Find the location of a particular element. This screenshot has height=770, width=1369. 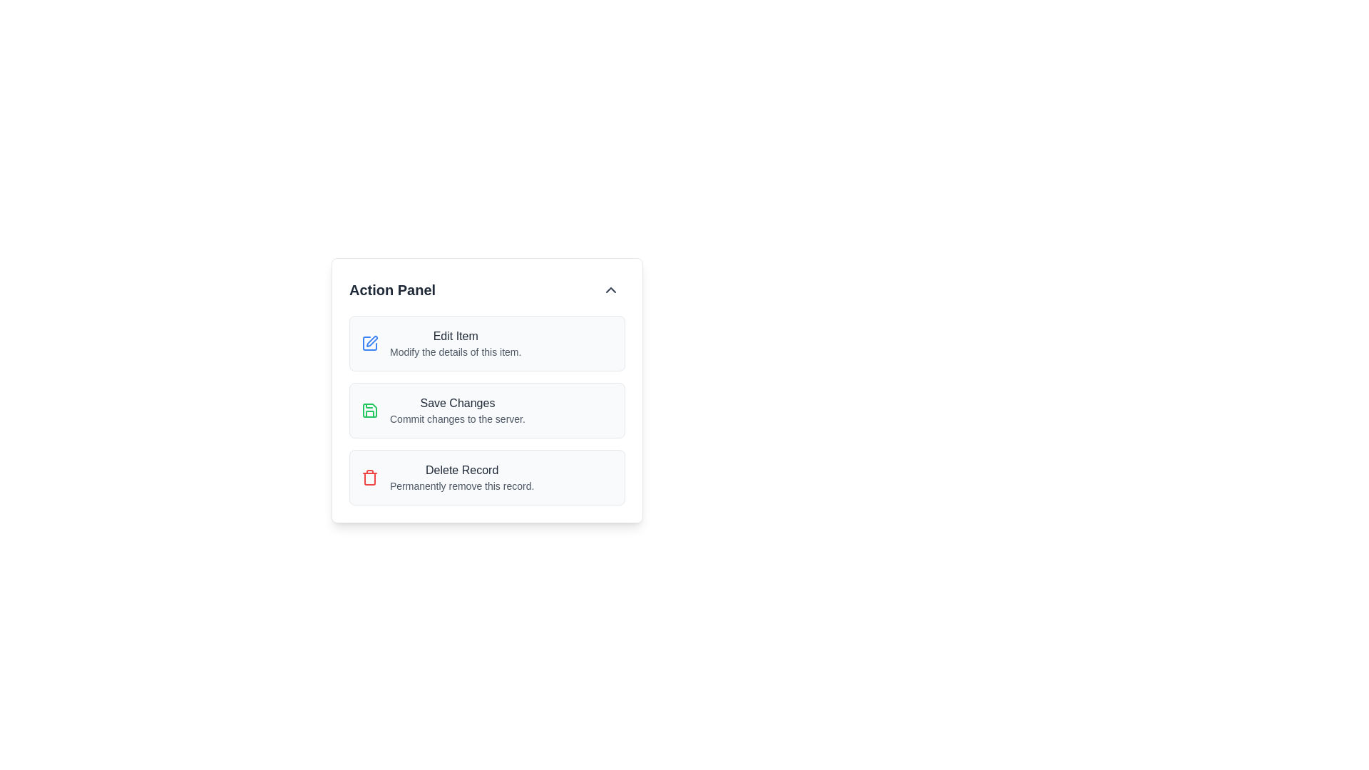

the edit button located at the top of the 'Action Panel' is located at coordinates (487, 344).